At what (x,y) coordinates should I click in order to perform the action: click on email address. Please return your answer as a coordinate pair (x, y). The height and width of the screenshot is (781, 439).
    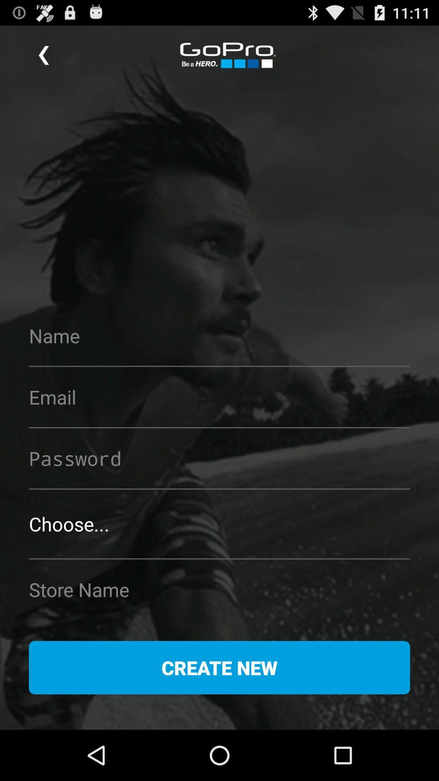
    Looking at the image, I should click on (219, 397).